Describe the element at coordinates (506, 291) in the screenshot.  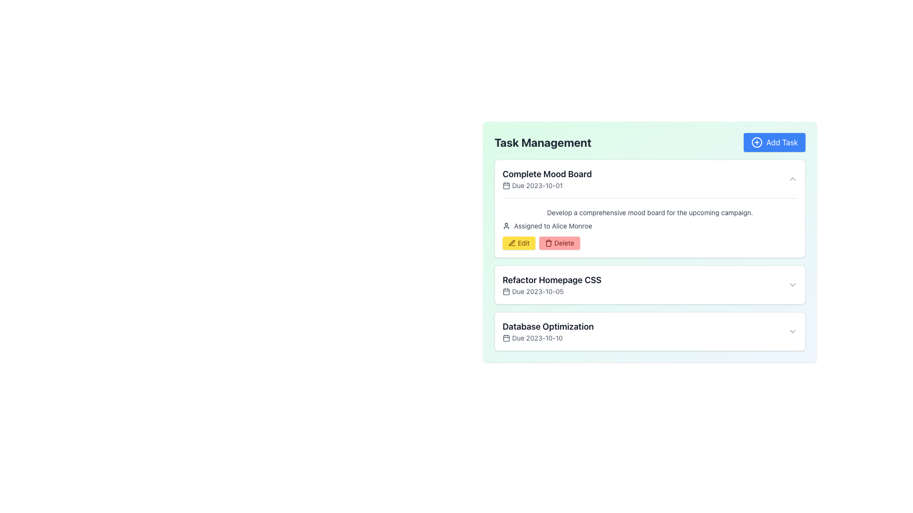
I see `the calendar icon, which is a monochromatic icon with a stroke outline and rounded corners, located to the left of the text 'Due 2023-10-05' in the task labeled 'Refactor Homepage CSS'` at that location.